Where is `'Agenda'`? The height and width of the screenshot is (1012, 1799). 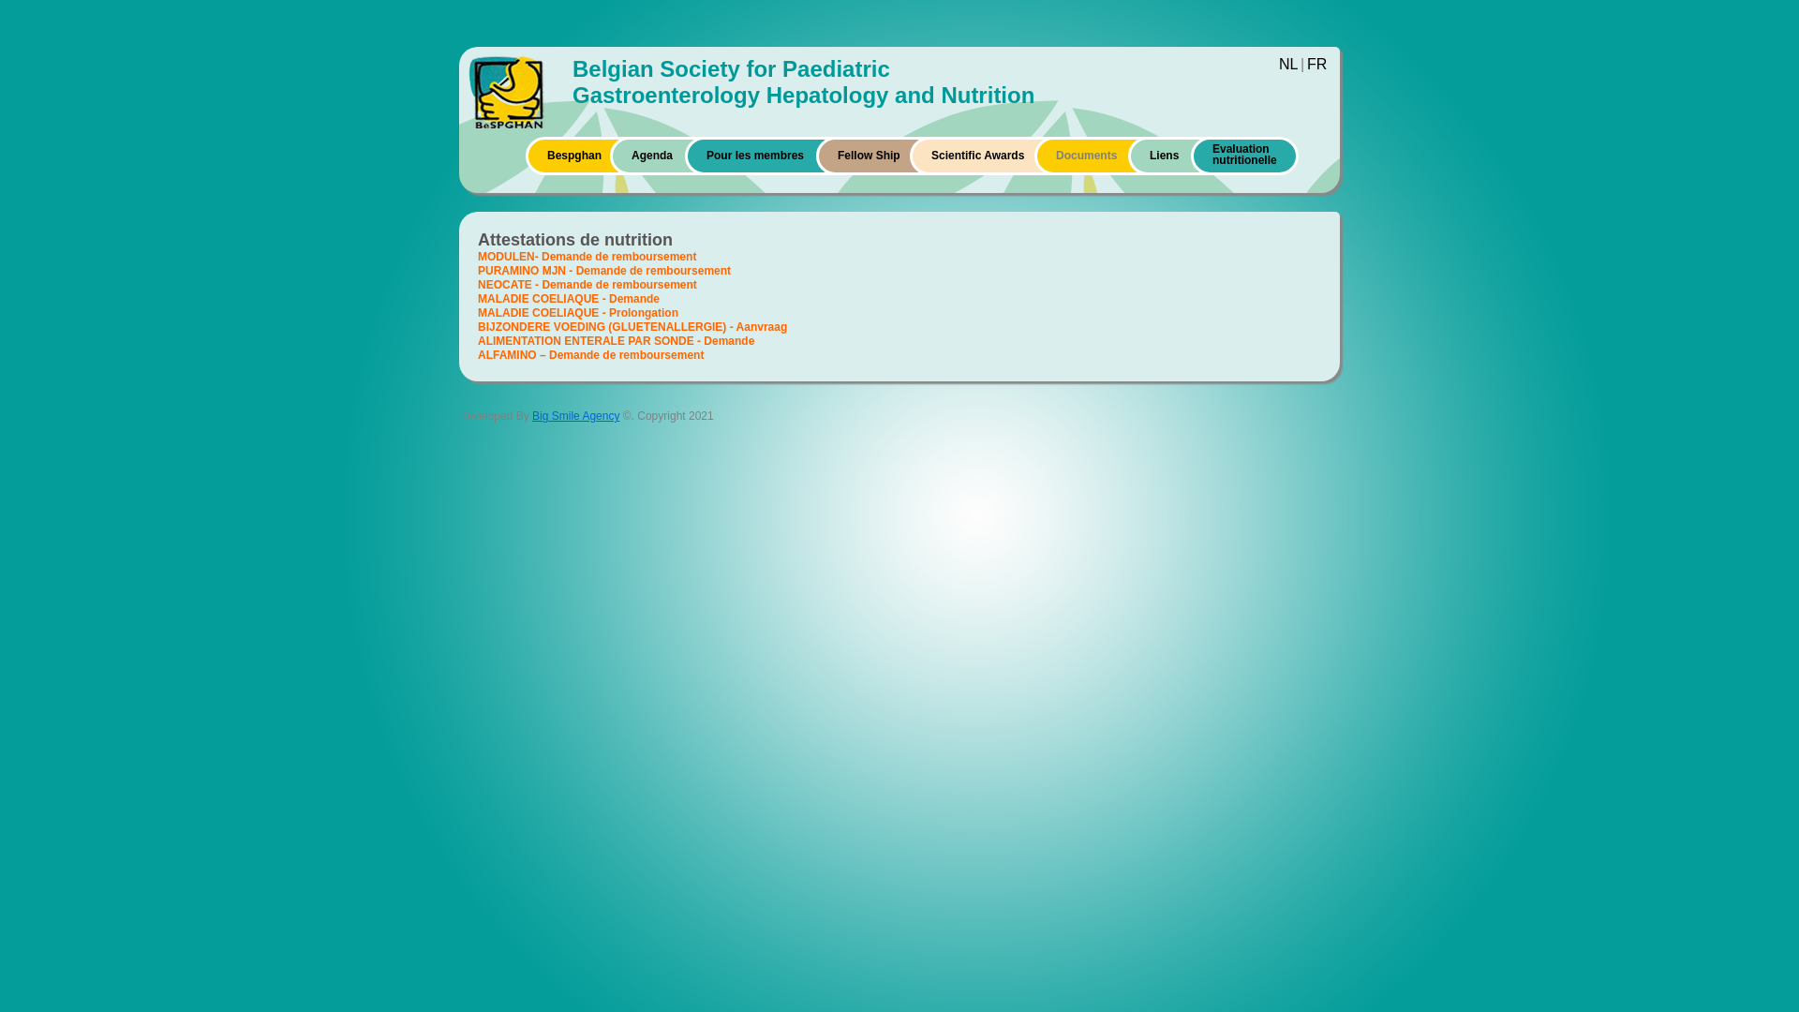 'Agenda' is located at coordinates (652, 154).